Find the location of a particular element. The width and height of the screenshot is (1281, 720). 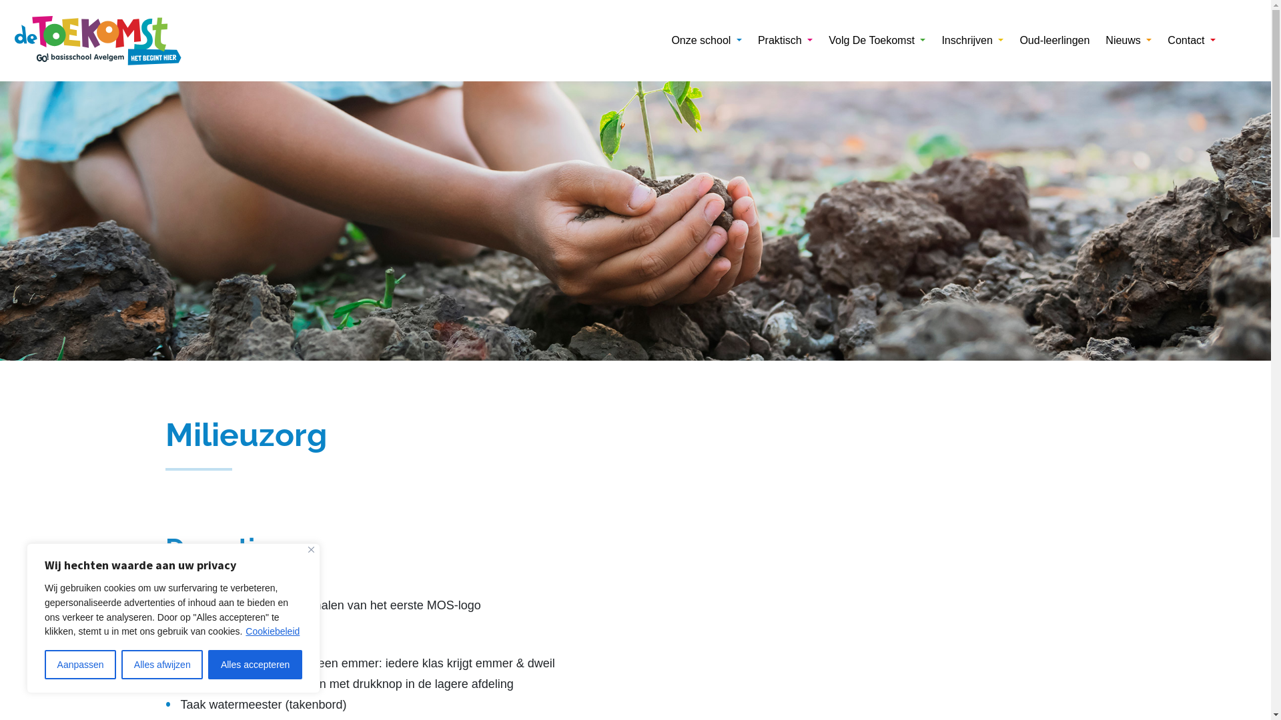

'Inschrijven' is located at coordinates (972, 40).